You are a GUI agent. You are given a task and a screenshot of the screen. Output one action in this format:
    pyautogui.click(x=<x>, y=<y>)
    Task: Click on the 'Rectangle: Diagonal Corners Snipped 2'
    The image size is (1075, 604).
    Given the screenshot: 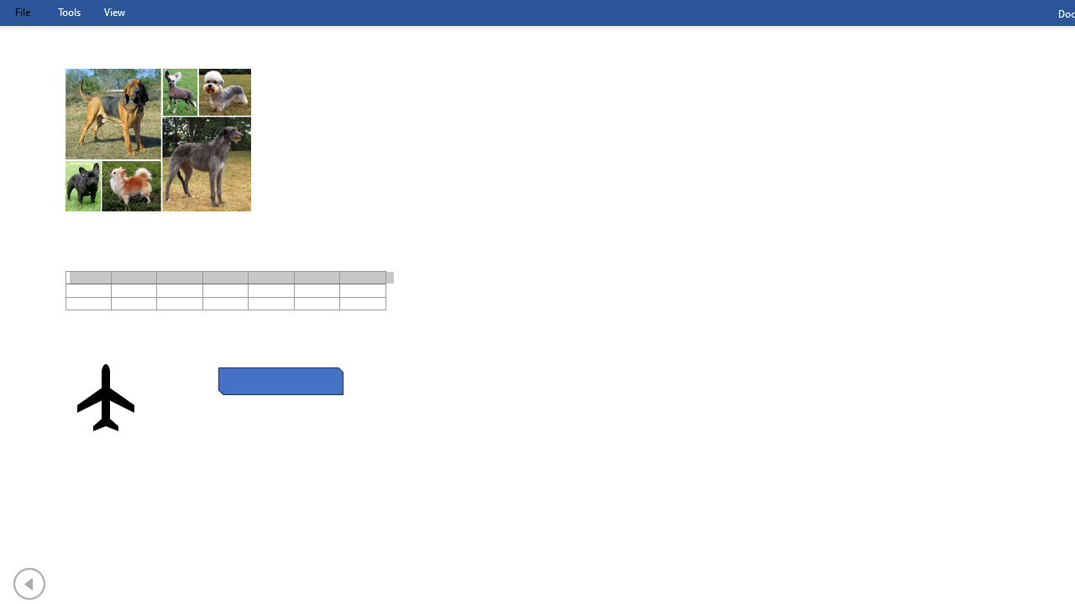 What is the action you would take?
    pyautogui.click(x=281, y=381)
    